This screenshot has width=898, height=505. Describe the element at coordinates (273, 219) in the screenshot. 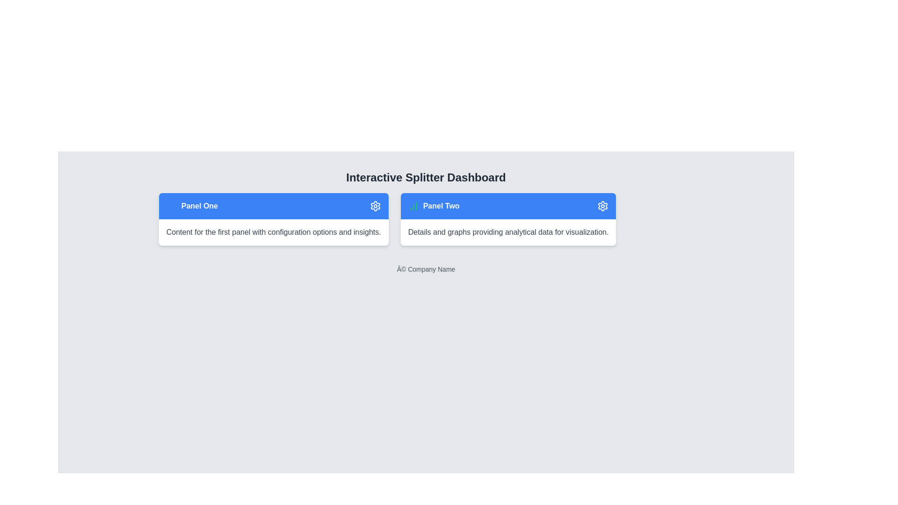

I see `the information panel that presents configuration options and insights, located on the left within a two-panel horizontal layout` at that location.